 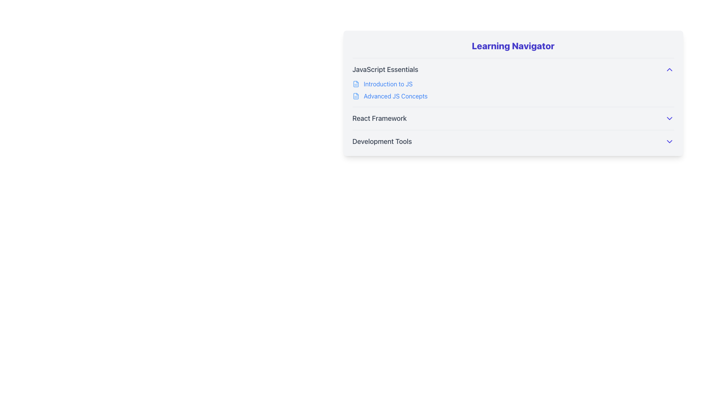 What do you see at coordinates (355, 96) in the screenshot?
I see `the blue document icon within the second item of the 'Learning Navigator'` at bounding box center [355, 96].